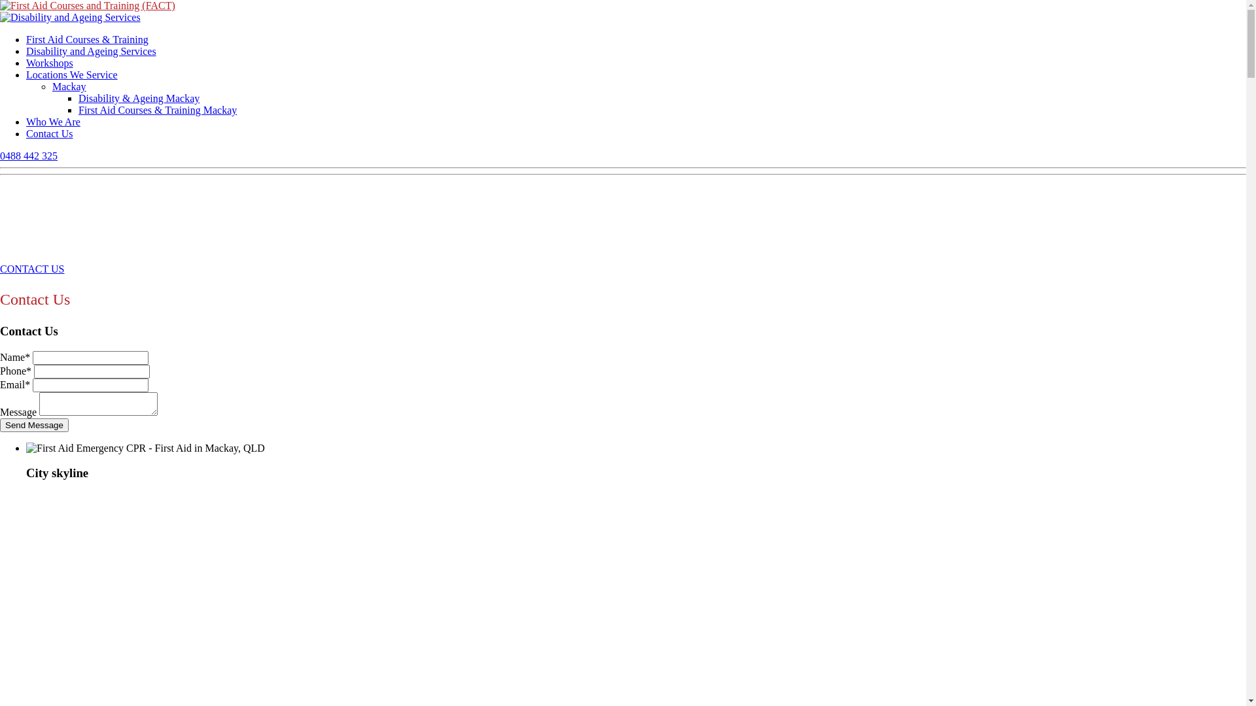 The image size is (1256, 706). I want to click on 'Disability & Ageing Mackay', so click(139, 97).